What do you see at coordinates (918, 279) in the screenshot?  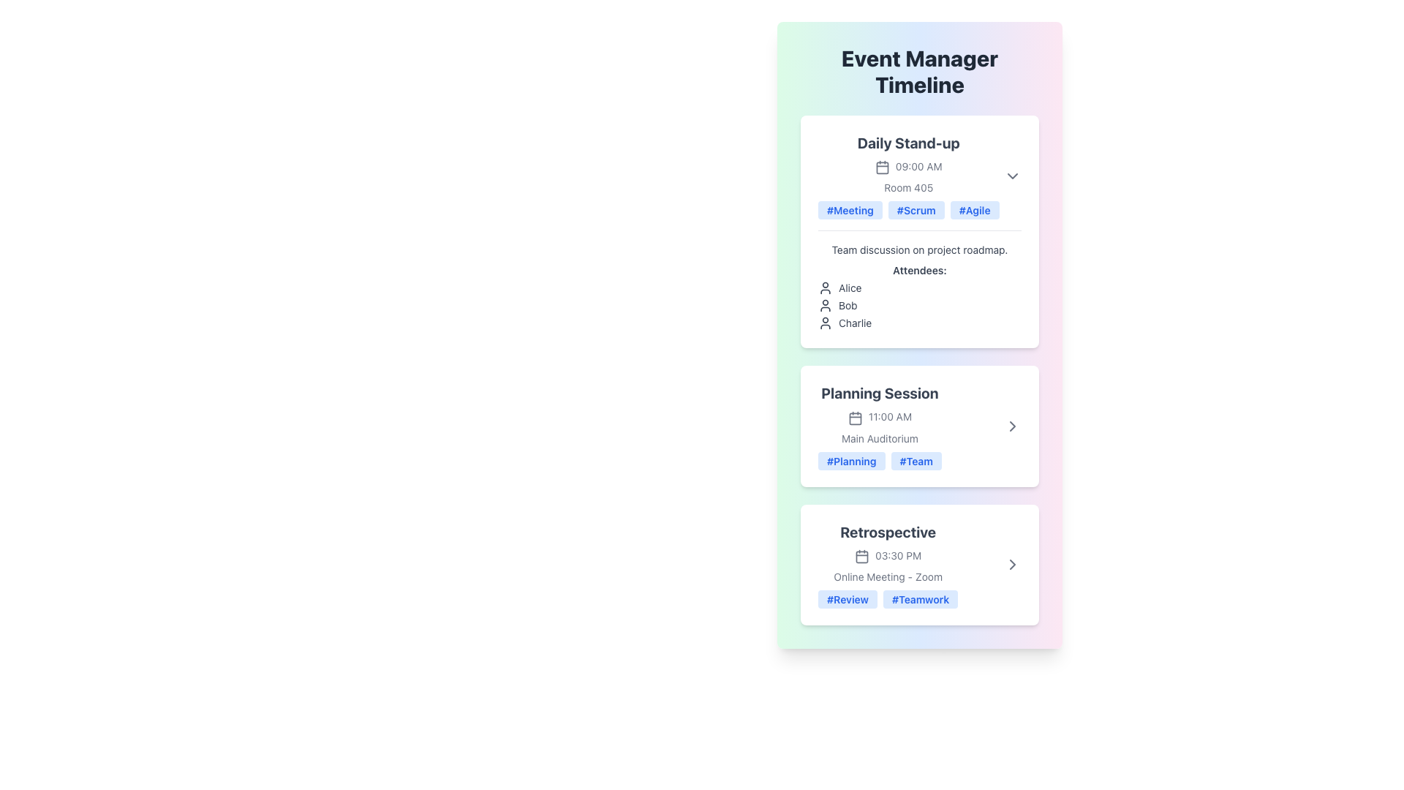 I see `the Textual description block located within the 'Daily Stand-up' card in the 'Event Manager Timeline' interface, which provides details about the meeting discussion summary and lists attendees` at bounding box center [918, 279].